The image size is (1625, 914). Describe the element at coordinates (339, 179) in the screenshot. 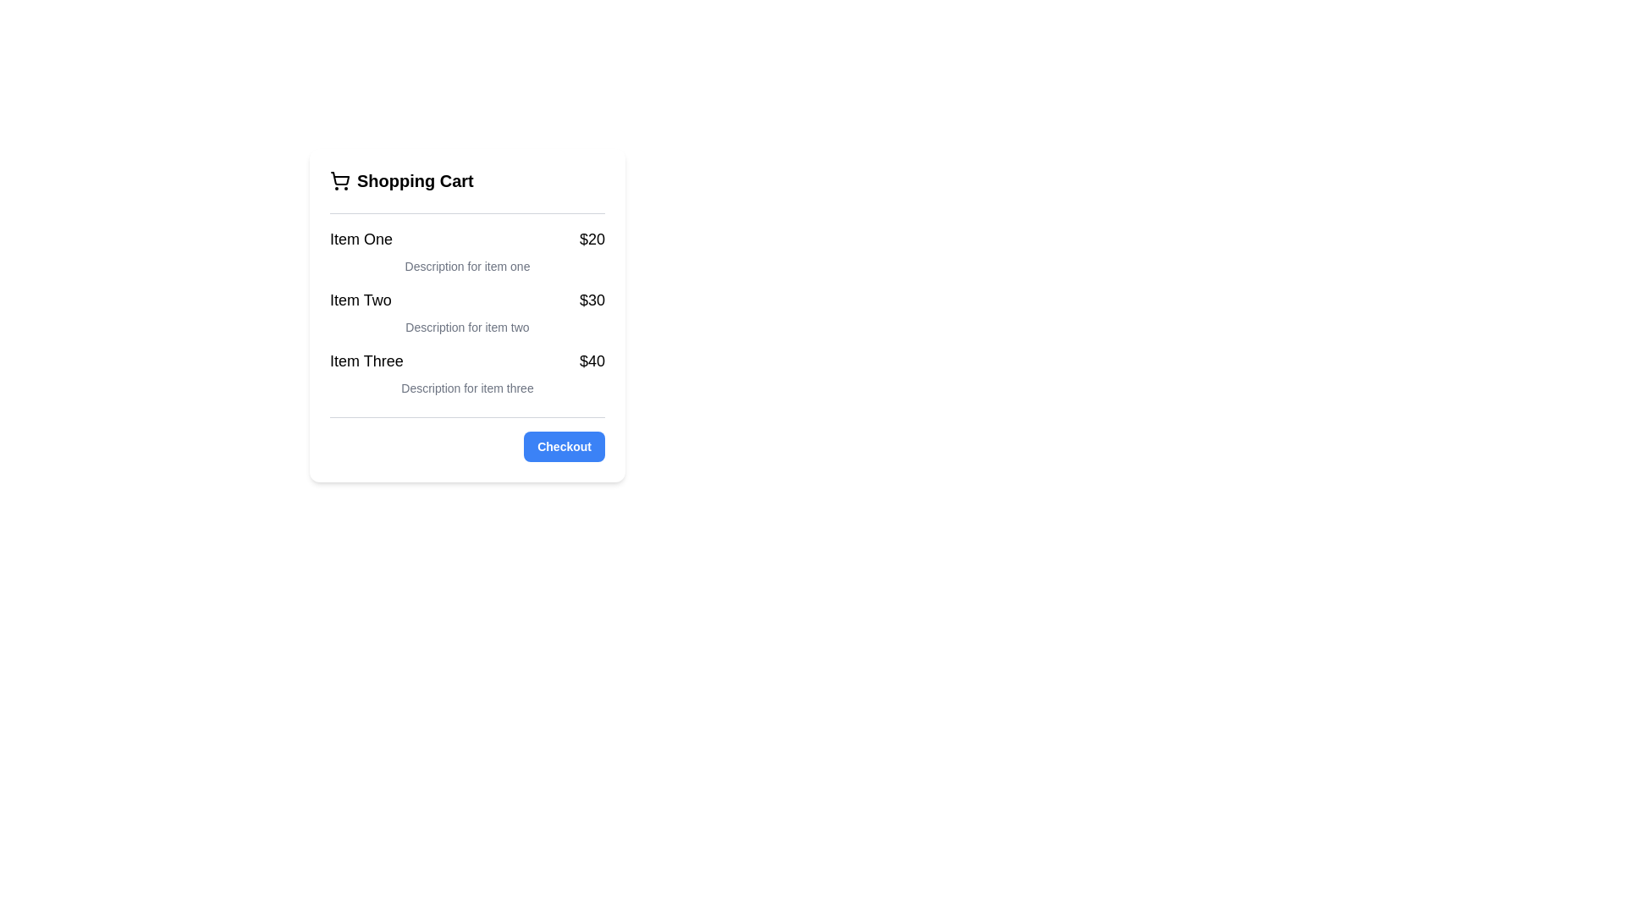

I see `the shopping cart icon located at the top left section of the shopping cart interface, adjacent to the bold title 'Shopping Cart'` at that location.